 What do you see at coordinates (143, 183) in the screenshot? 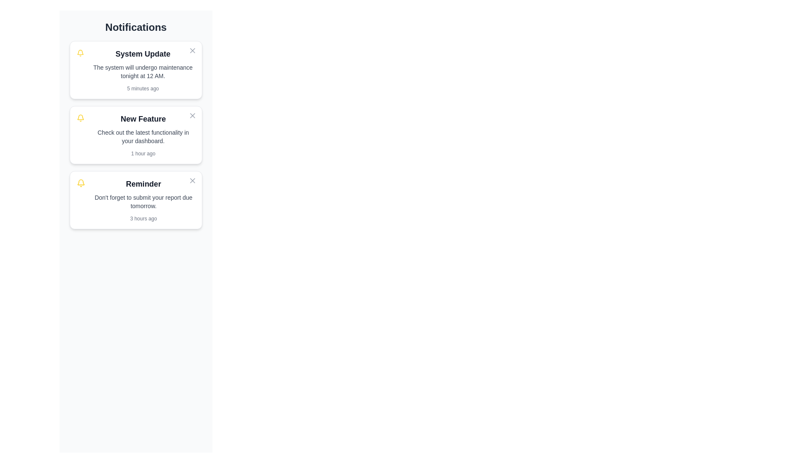
I see `the text label that serves as the title of the third notification card in the notification list` at bounding box center [143, 183].